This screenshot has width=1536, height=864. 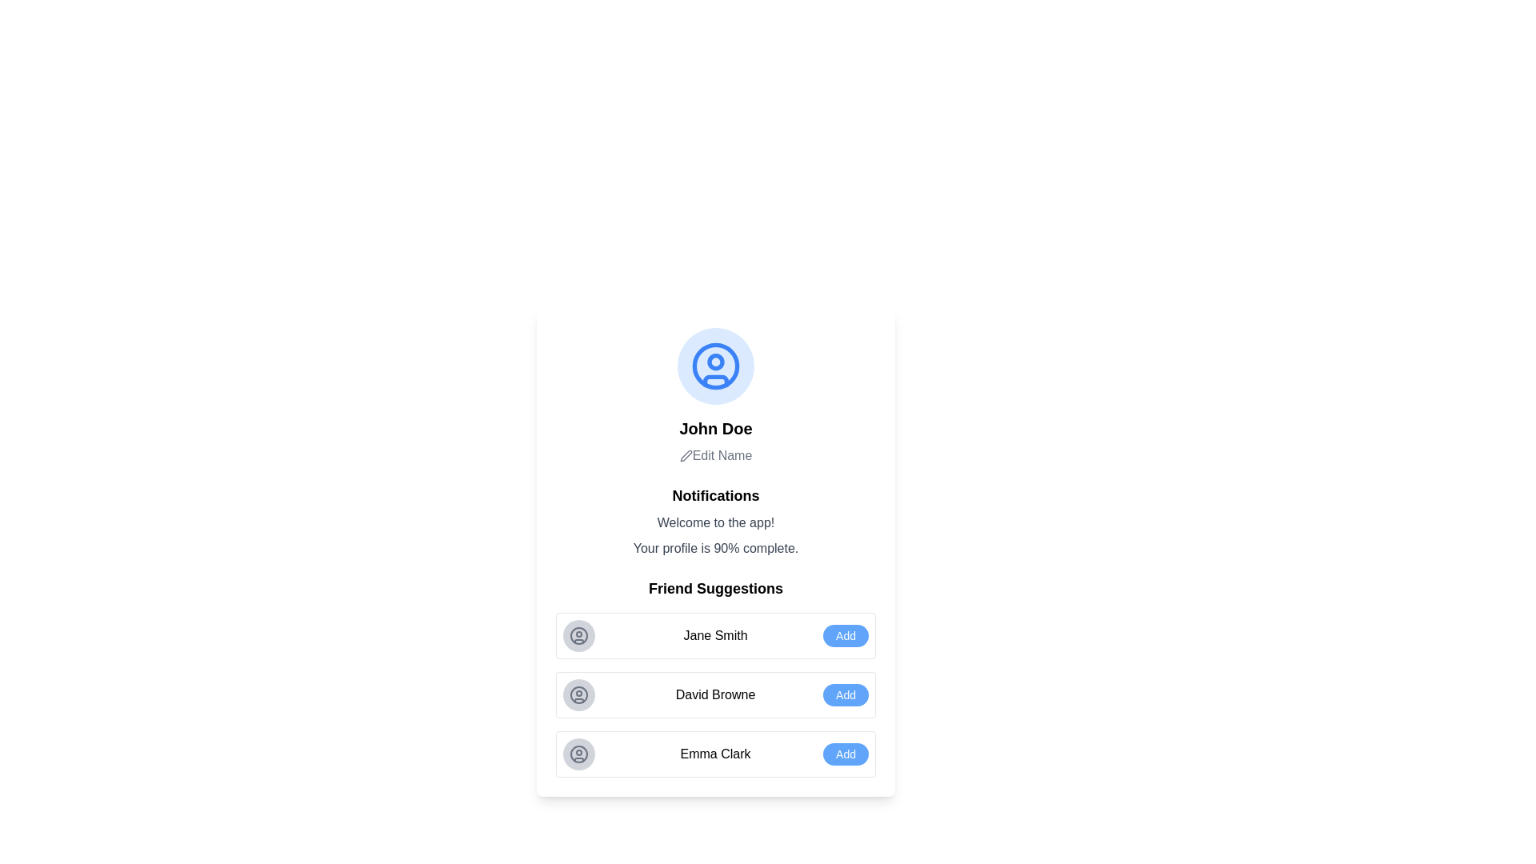 What do you see at coordinates (686, 456) in the screenshot?
I see `the small pen icon used for editing, located to the right of the 'Edit Name' text, below the 'John Doe' title and user avatar image` at bounding box center [686, 456].